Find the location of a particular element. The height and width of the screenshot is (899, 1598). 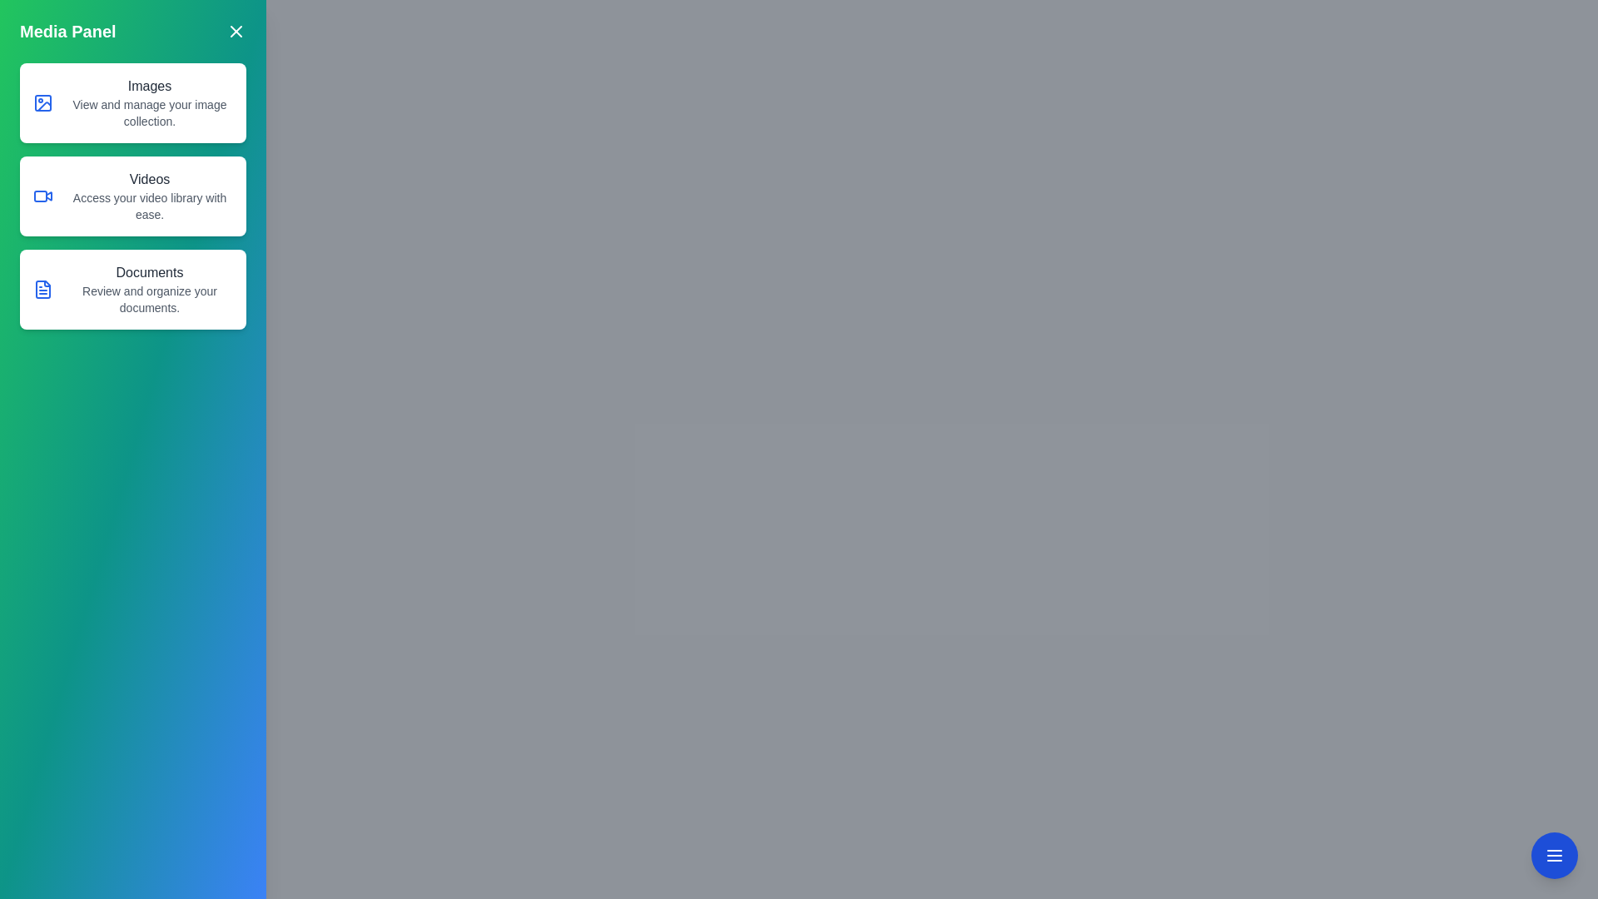

text content of the title Text Label for the first card in the side panel, which provides a brief description of image management is located at coordinates (150, 87).